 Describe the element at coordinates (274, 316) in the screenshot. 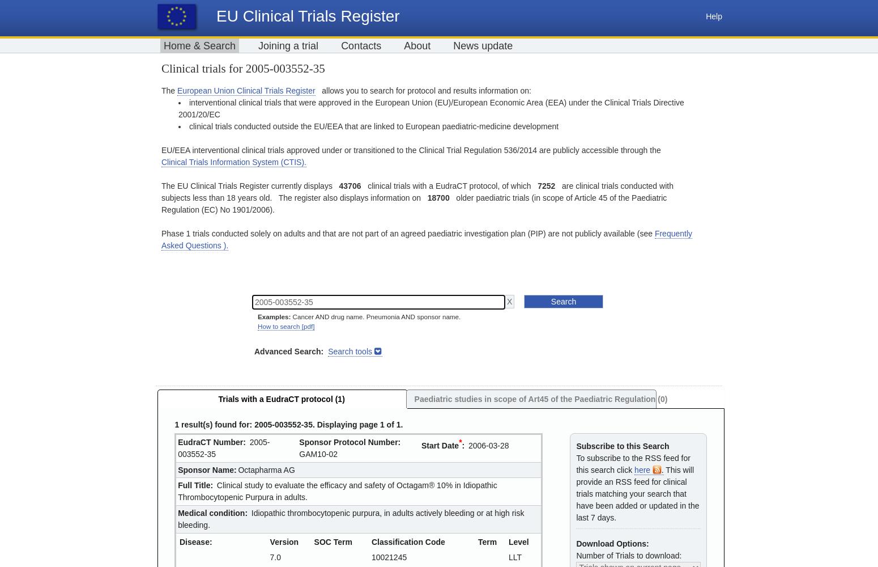

I see `'Examples:'` at that location.